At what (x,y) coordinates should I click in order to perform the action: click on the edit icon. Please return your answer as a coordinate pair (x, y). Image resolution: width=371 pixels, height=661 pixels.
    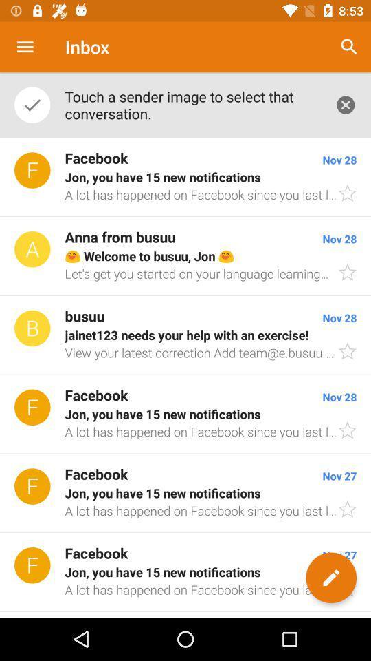
    Looking at the image, I should click on (330, 578).